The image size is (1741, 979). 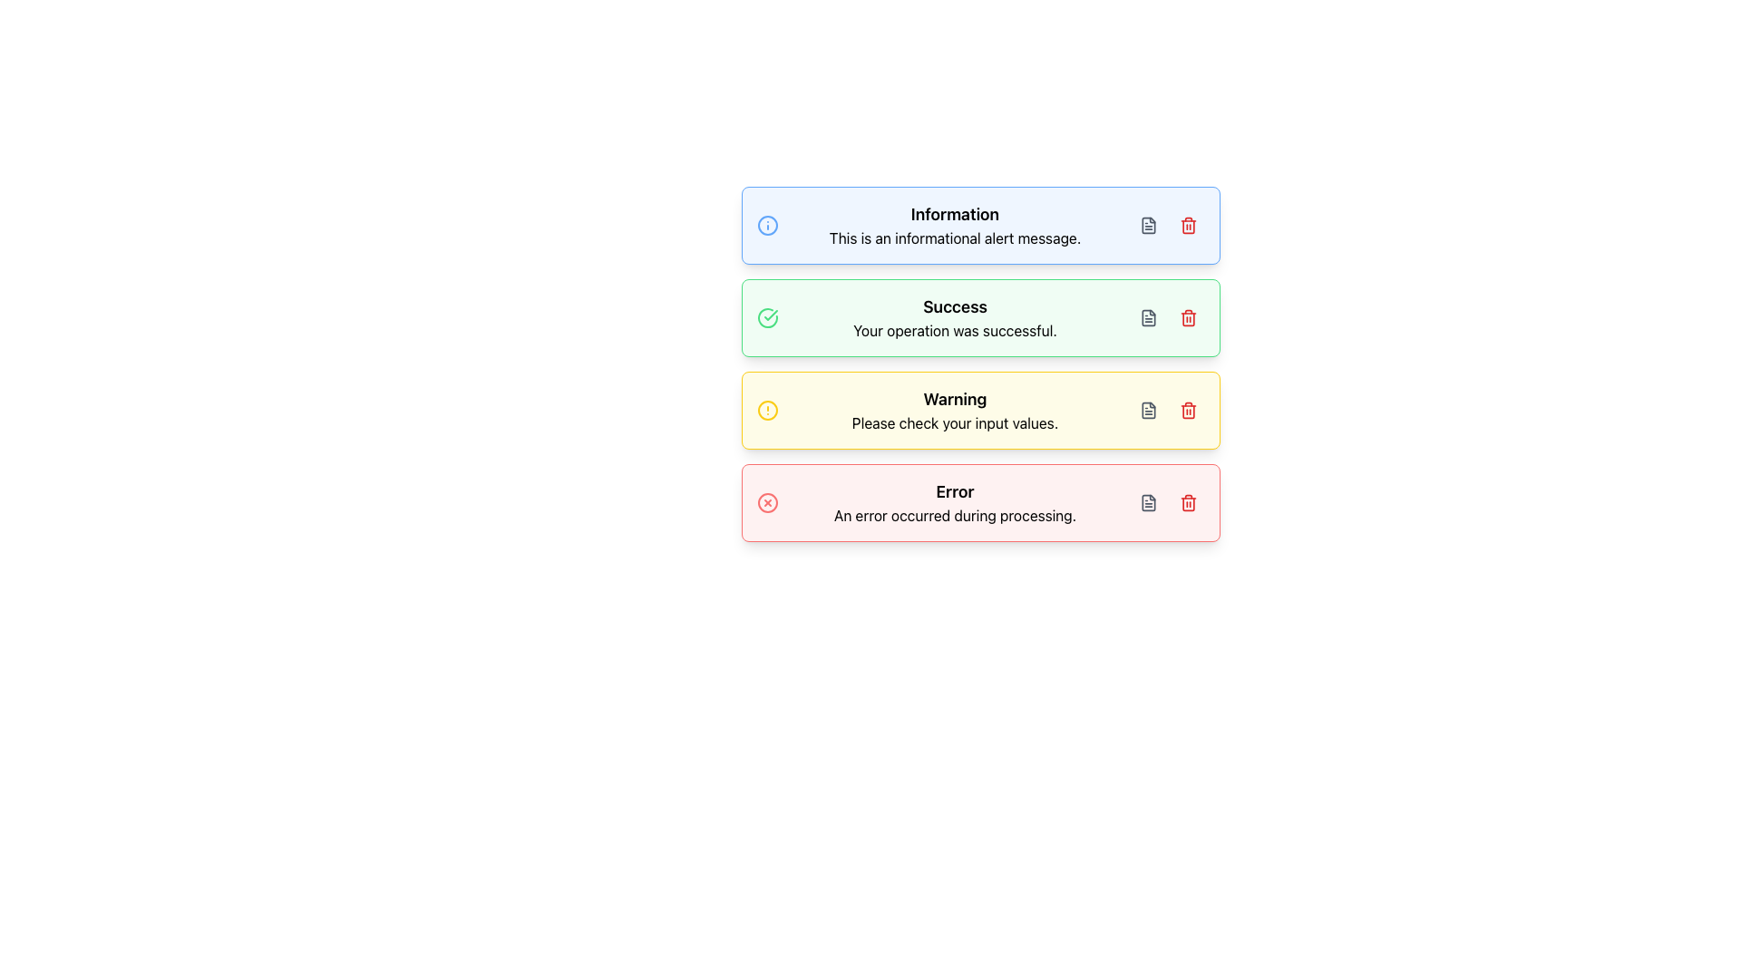 What do you see at coordinates (1147, 410) in the screenshot?
I see `the Icon Button located inside the third warning alert box` at bounding box center [1147, 410].